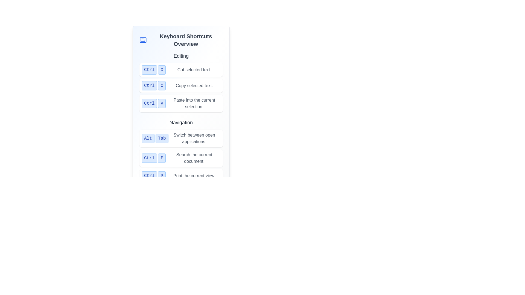 This screenshot has width=525, height=295. I want to click on the content of the Information View displaying the keyboard shortcut 'Ctrl + F' and its action 'Search the current document.' This element is positioned between the 'Alt Tab' and 'Ctrl P' shortcut descriptions in the Navigation section, so click(181, 156).